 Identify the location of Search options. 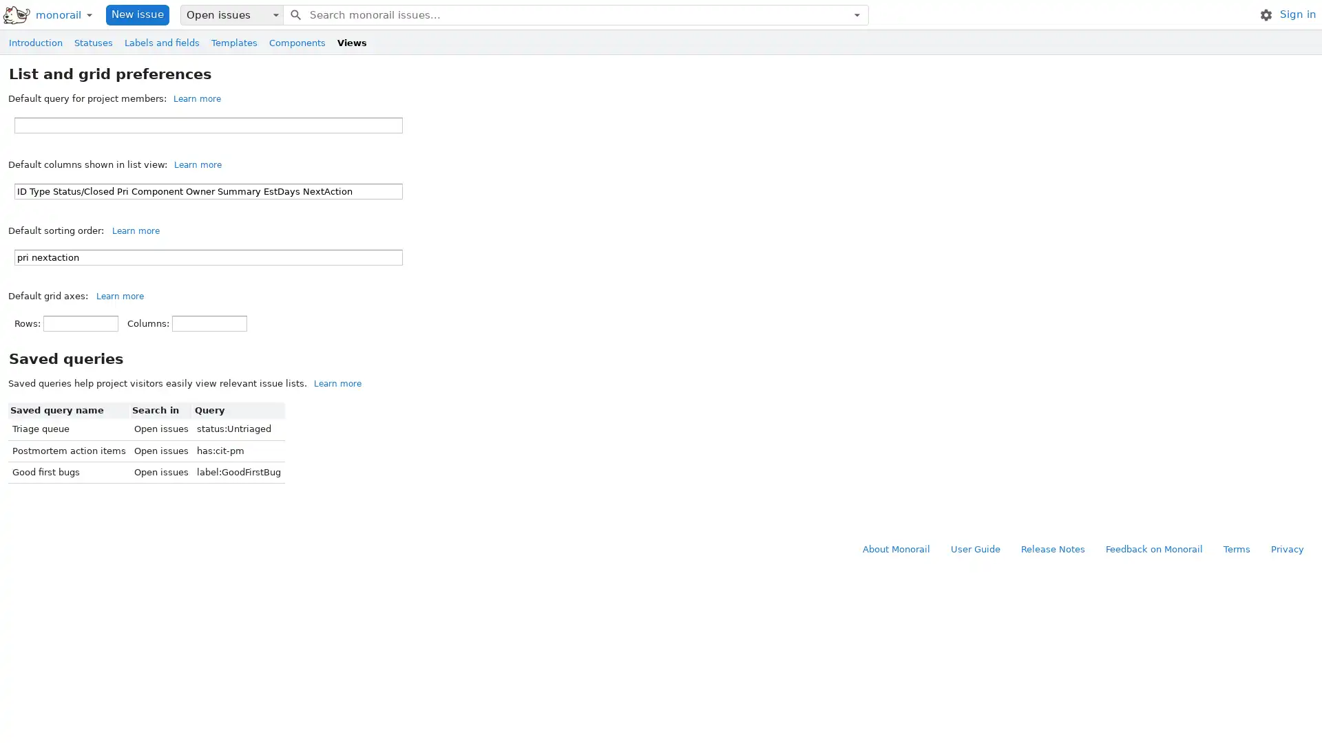
(856, 14).